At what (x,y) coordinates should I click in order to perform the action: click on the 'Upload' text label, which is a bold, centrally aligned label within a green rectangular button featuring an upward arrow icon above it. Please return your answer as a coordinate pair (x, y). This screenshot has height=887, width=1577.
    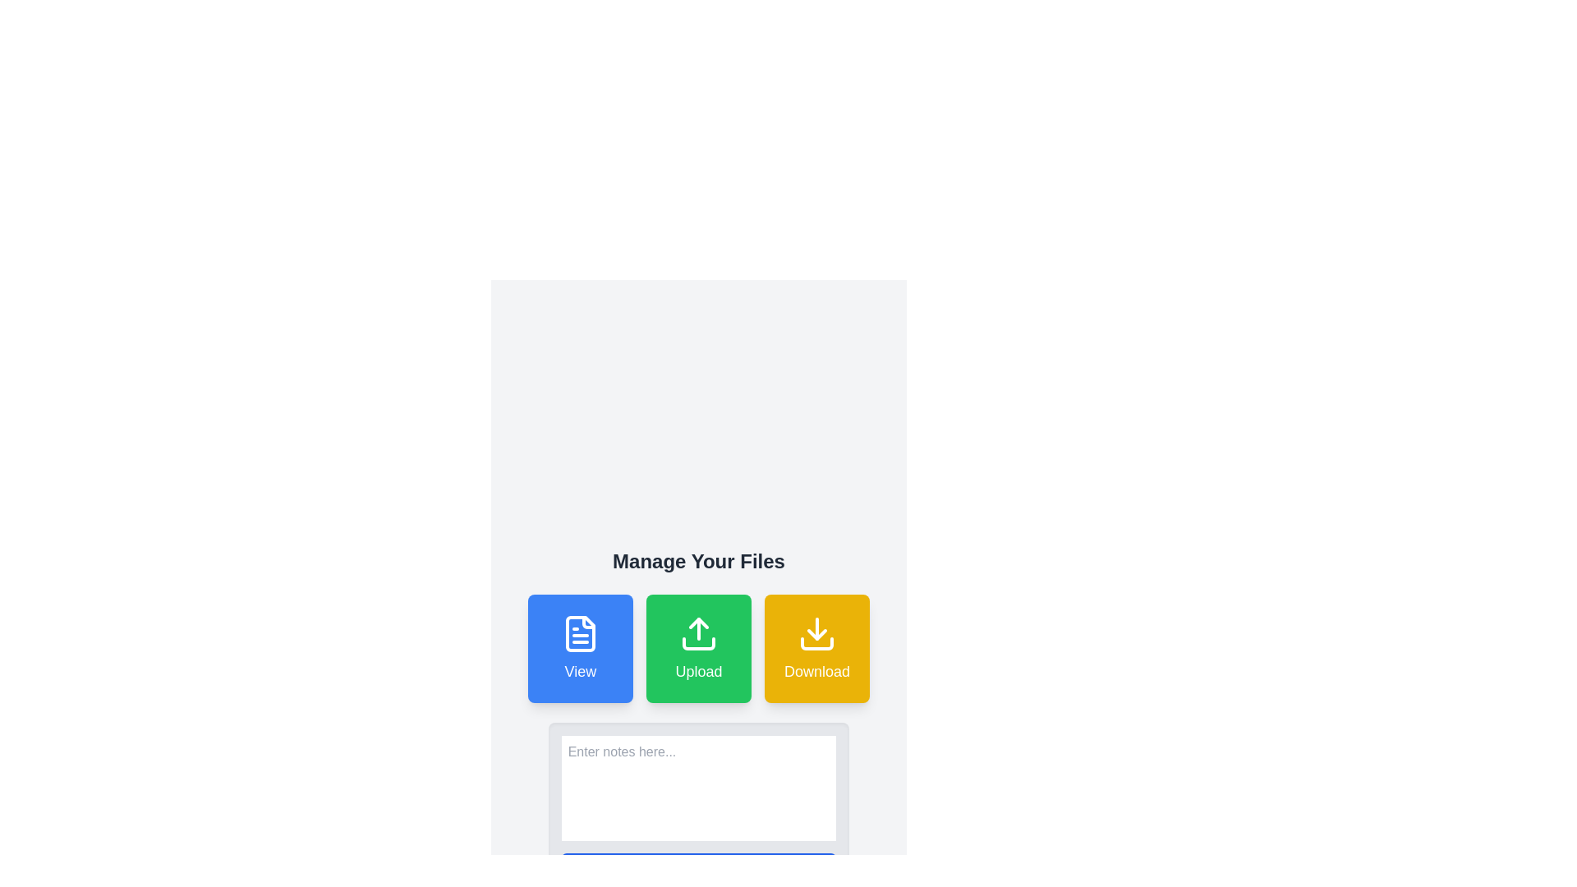
    Looking at the image, I should click on (698, 671).